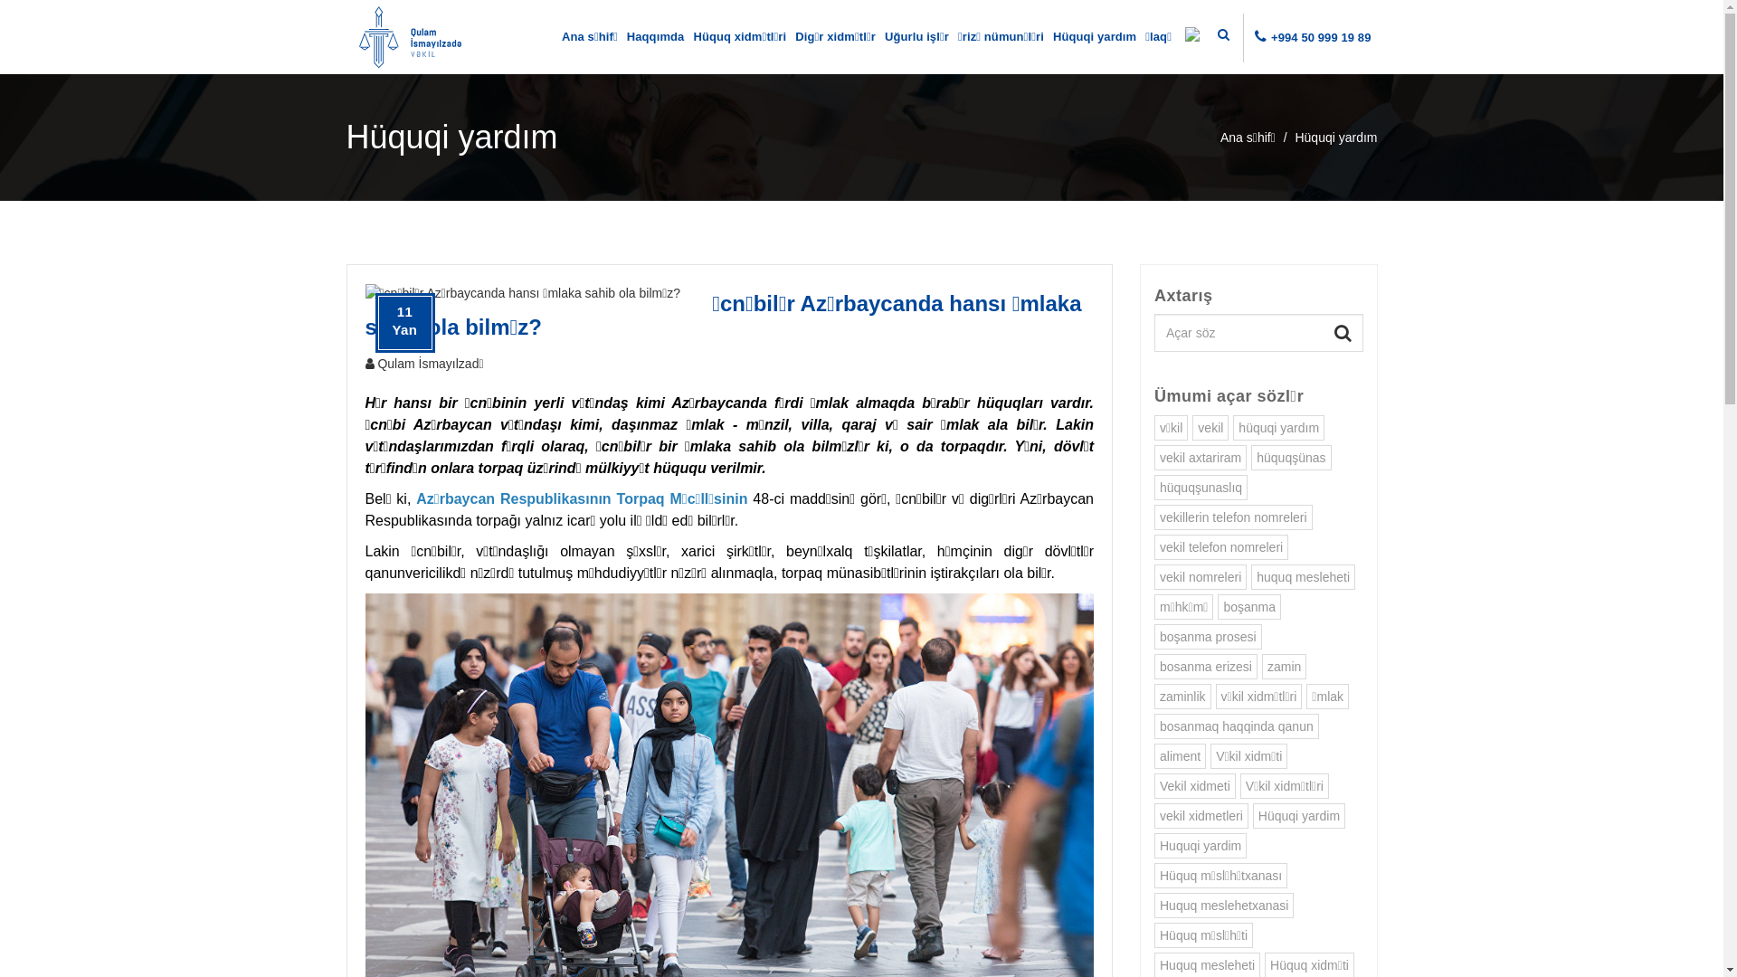 This screenshot has height=977, width=1737. What do you see at coordinates (1321, 37) in the screenshot?
I see `'+994 50 999 19 89'` at bounding box center [1321, 37].